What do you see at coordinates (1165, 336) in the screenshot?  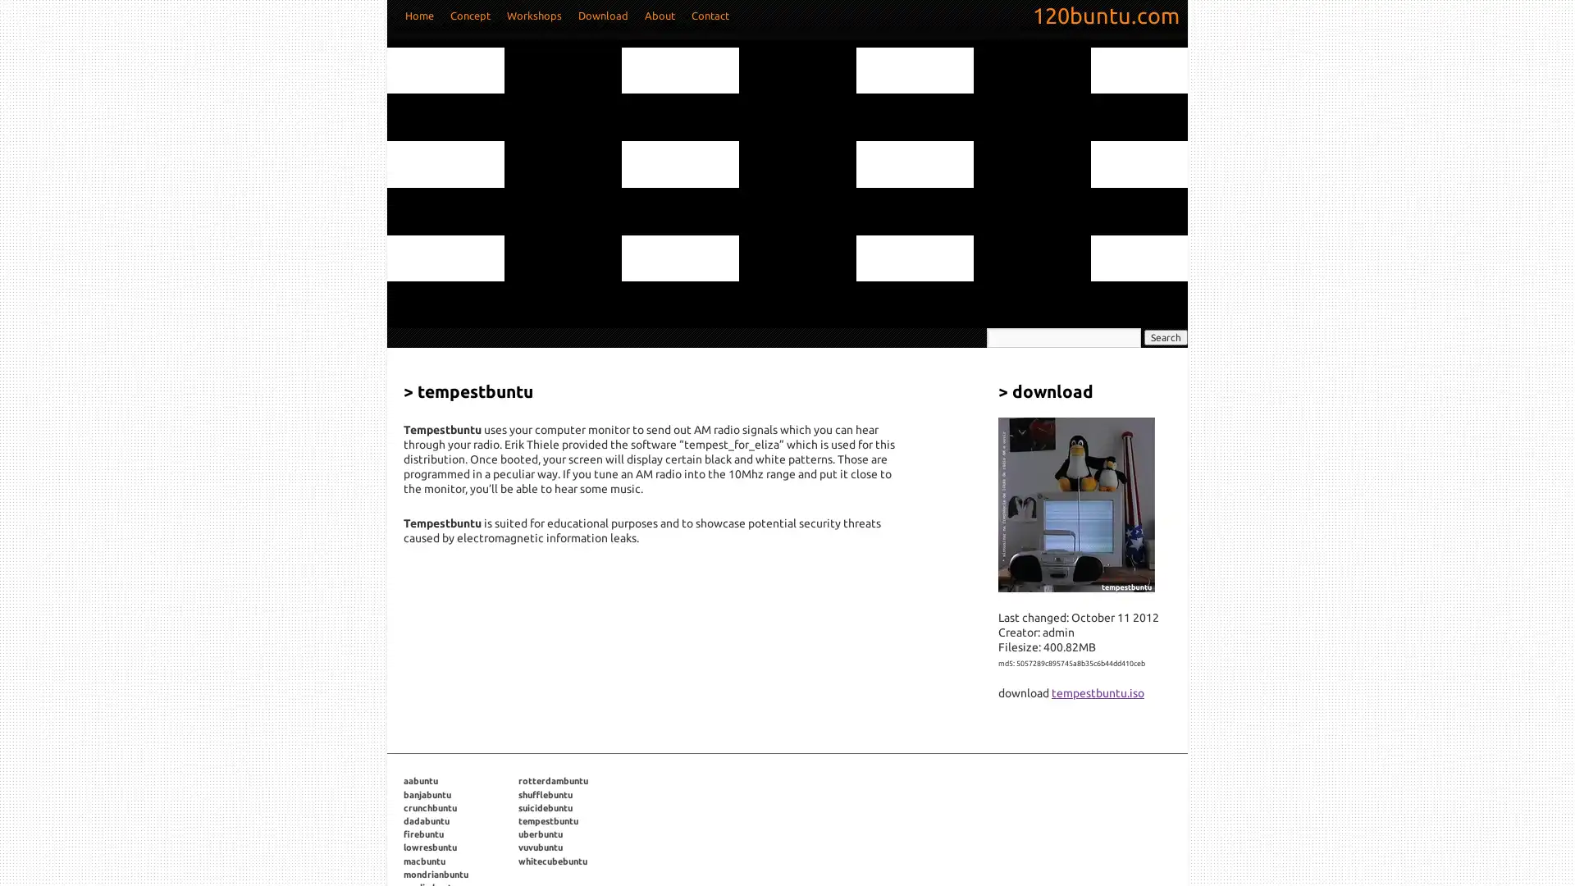 I see `Search` at bounding box center [1165, 336].